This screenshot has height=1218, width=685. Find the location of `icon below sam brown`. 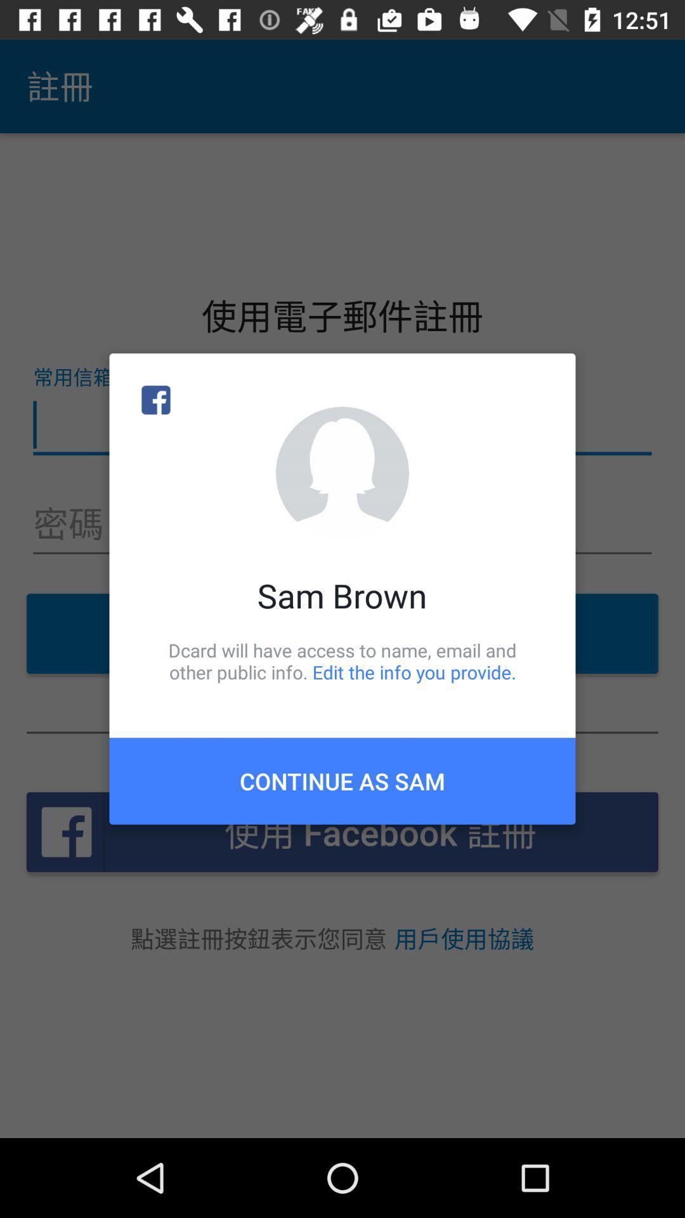

icon below sam brown is located at coordinates (342, 660).